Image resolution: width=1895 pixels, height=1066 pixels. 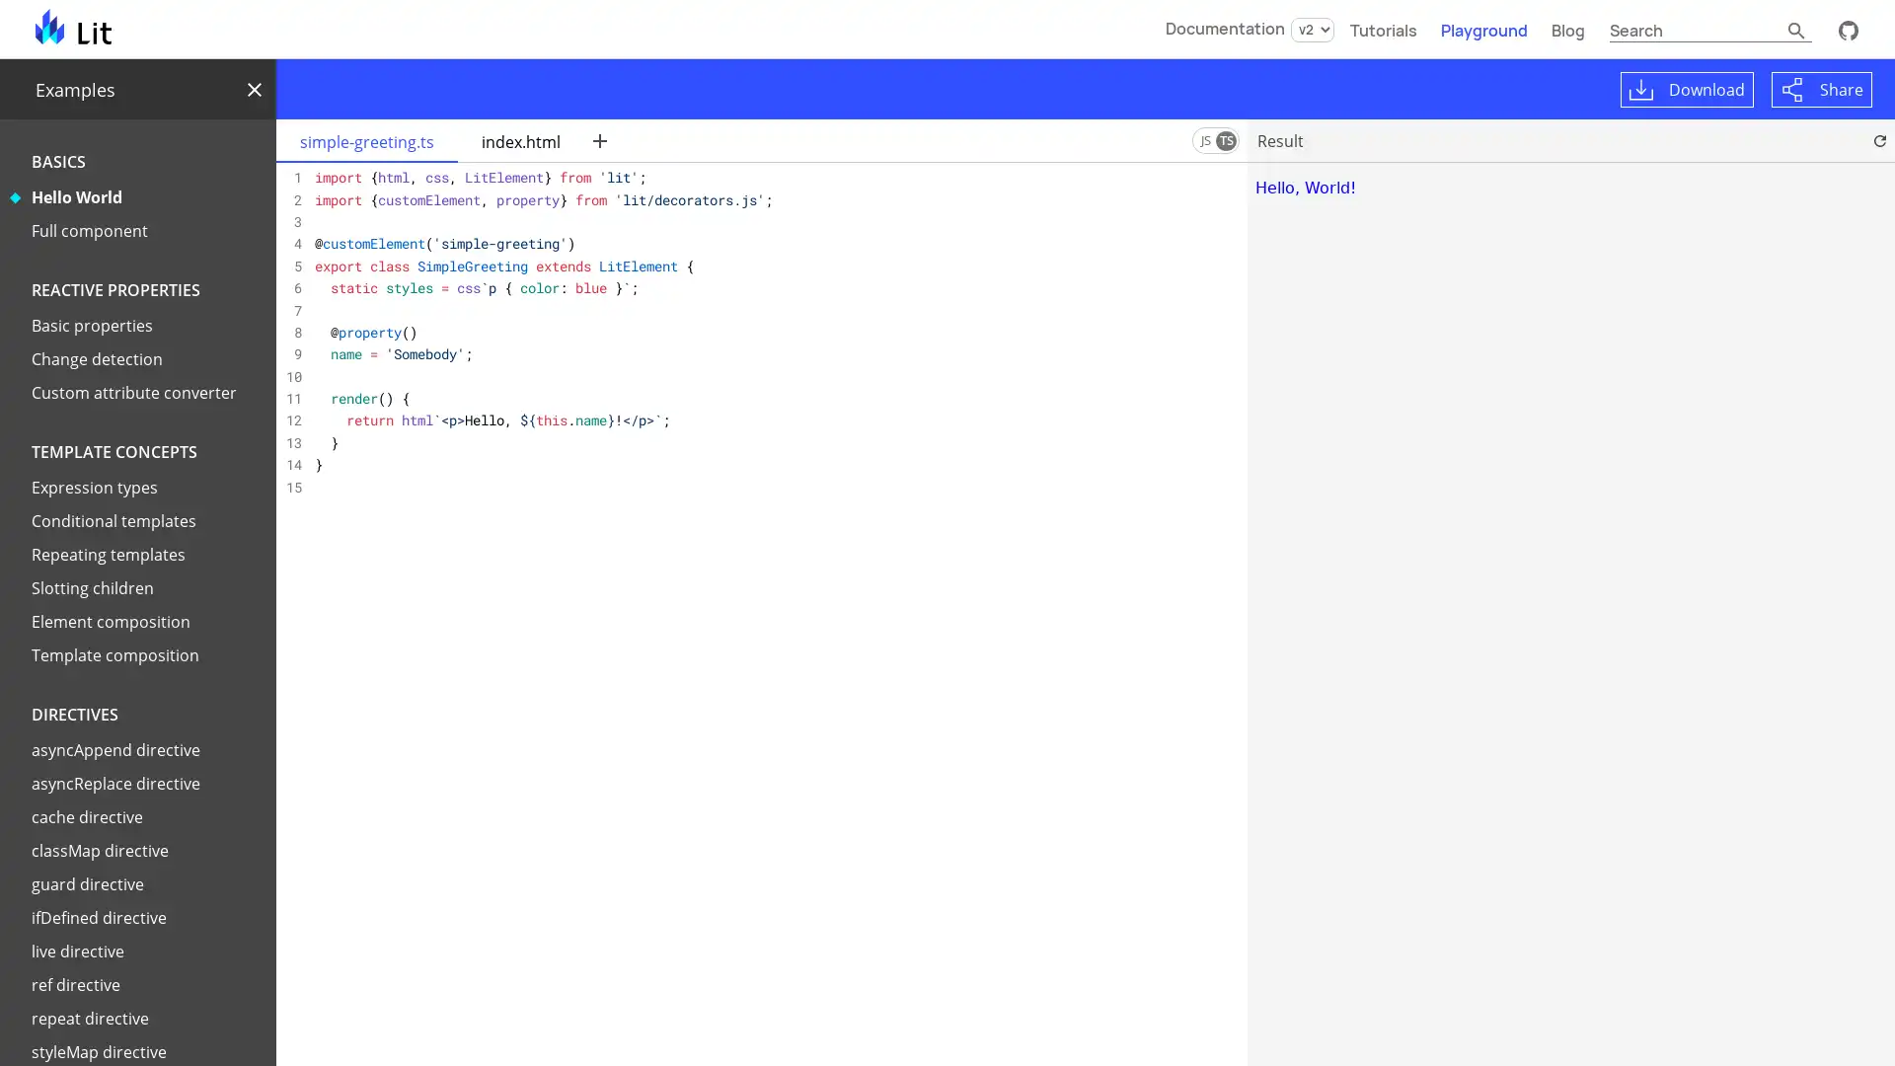 What do you see at coordinates (599, 139) in the screenshot?
I see `New file` at bounding box center [599, 139].